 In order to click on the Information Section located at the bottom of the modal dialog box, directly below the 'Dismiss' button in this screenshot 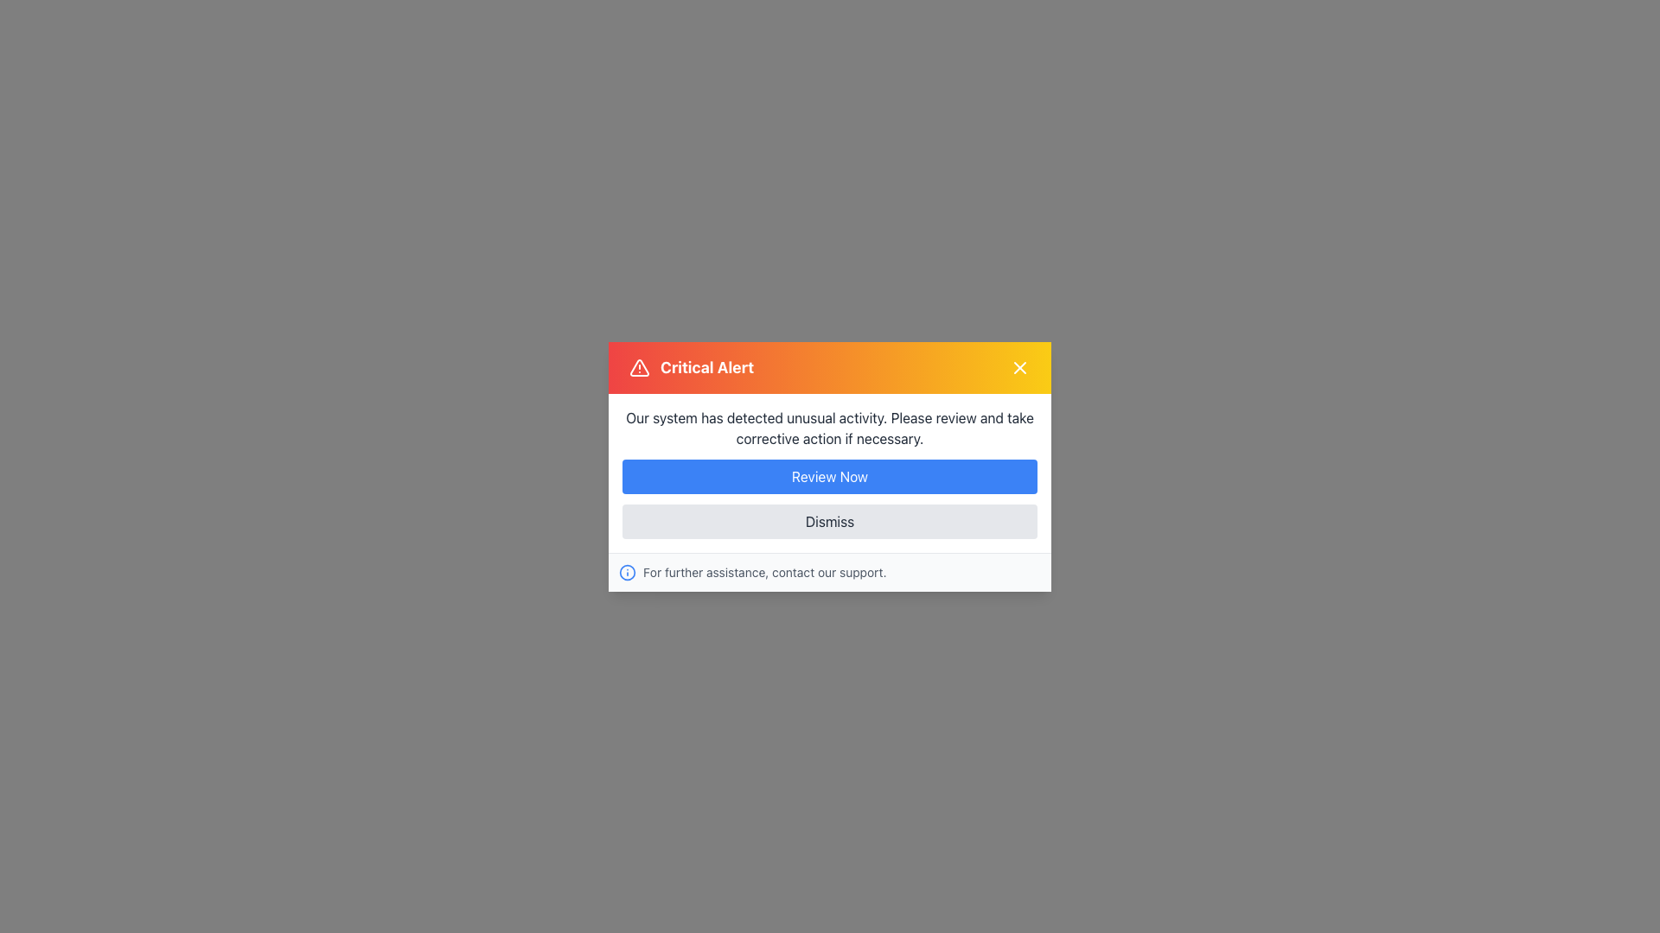, I will do `click(830, 572)`.